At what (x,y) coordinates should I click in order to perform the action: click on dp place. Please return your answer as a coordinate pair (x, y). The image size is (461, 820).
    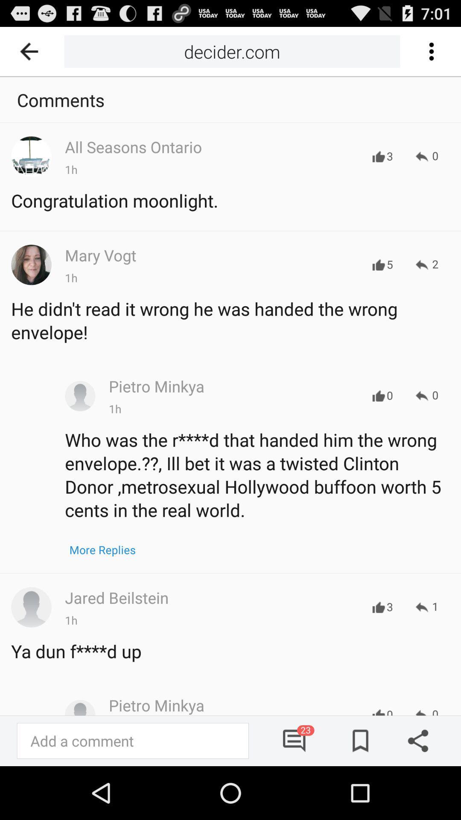
    Looking at the image, I should click on (80, 395).